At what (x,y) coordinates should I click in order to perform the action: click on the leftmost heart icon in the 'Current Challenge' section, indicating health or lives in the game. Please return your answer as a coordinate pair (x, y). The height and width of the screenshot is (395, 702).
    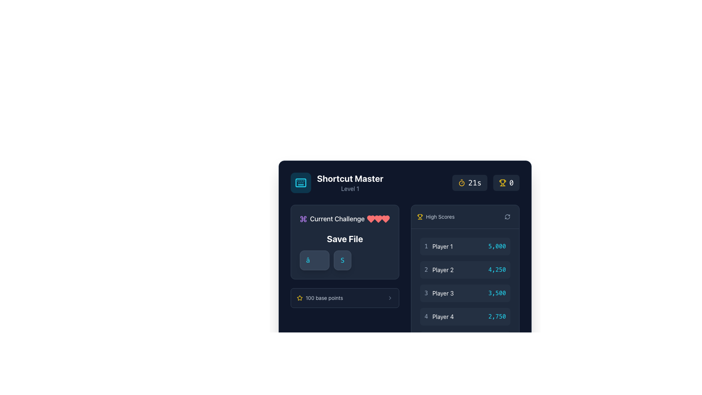
    Looking at the image, I should click on (371, 218).